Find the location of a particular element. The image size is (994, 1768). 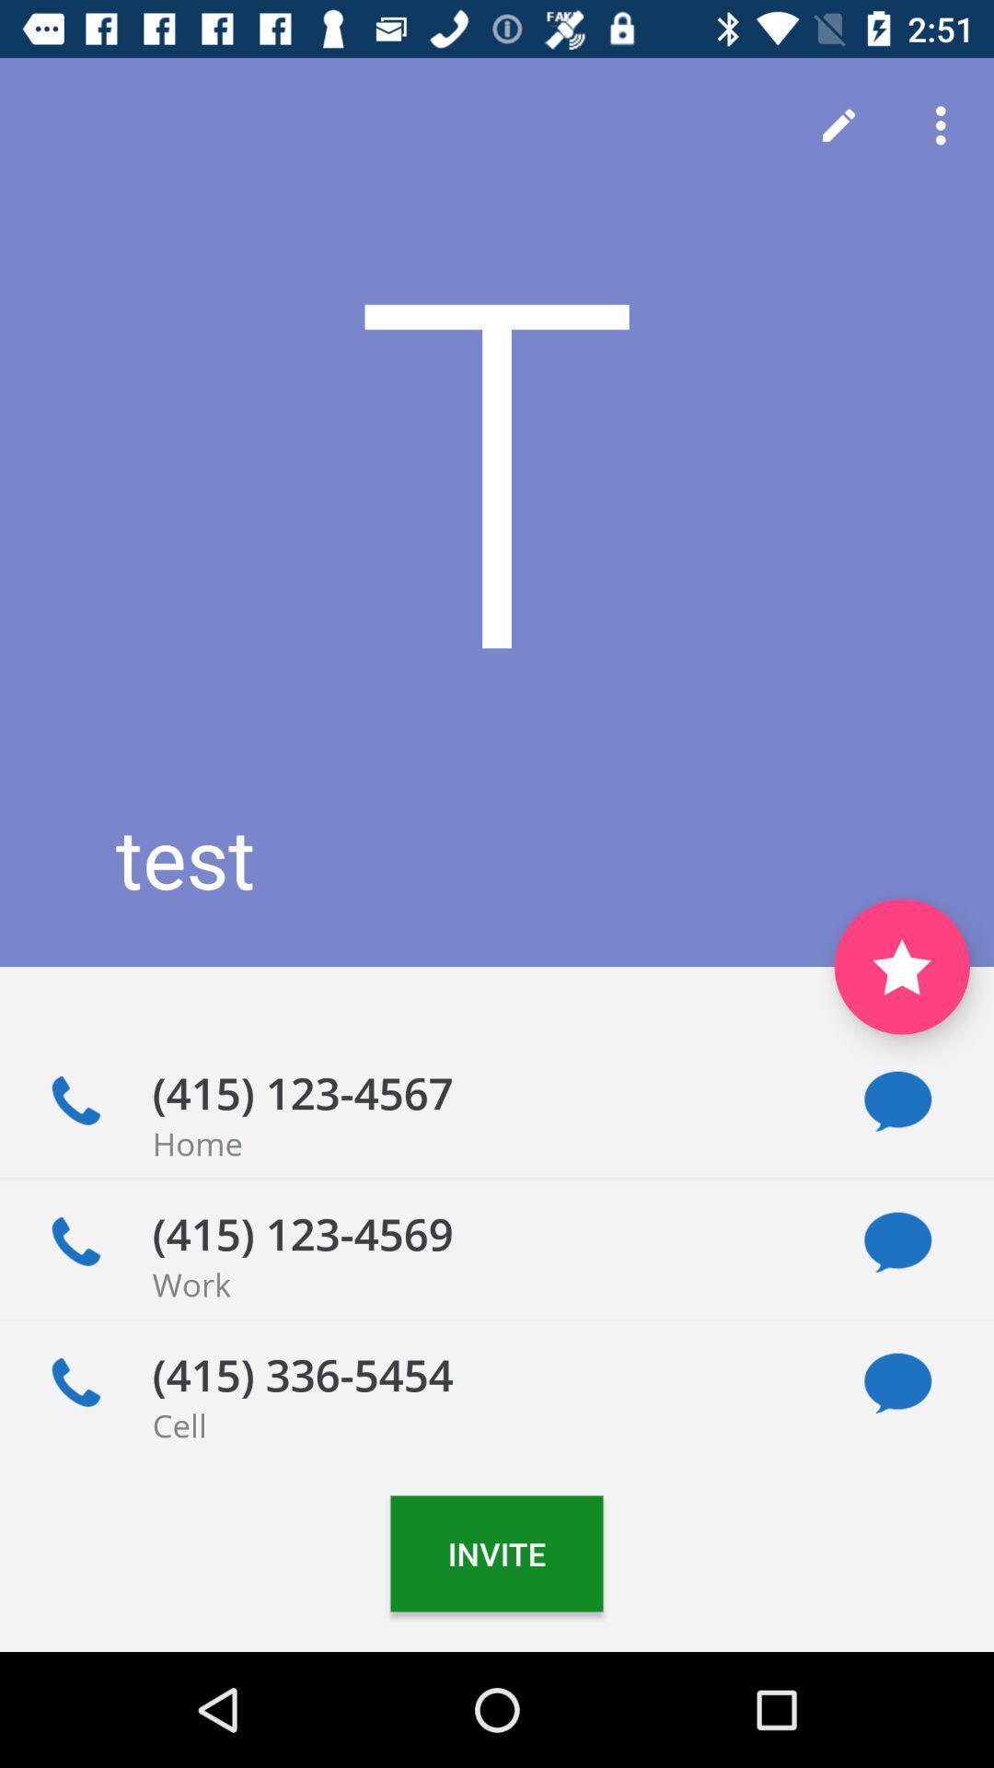

send message is located at coordinates (896, 1383).